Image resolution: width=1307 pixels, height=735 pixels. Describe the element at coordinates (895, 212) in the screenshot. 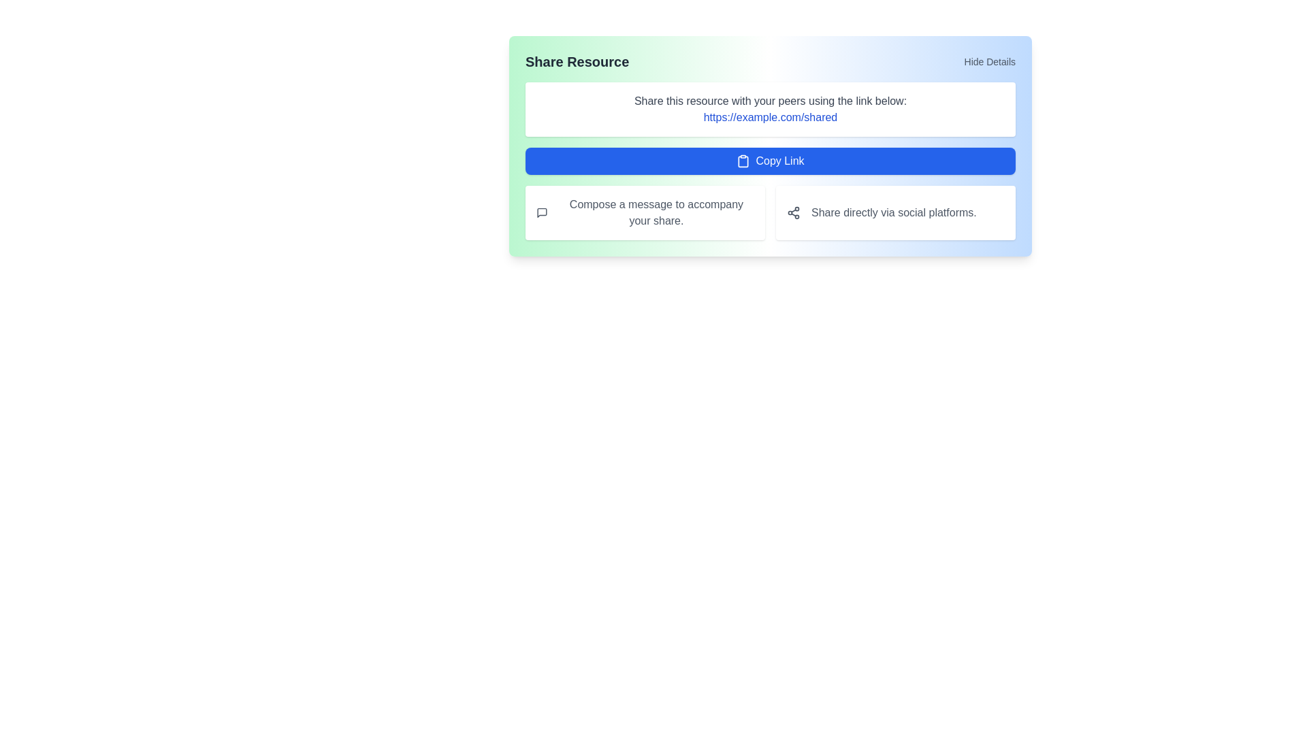

I see `the button with a white background and rounded corners that features a share symbol icon on the left and the text 'Share directly via social platforms.' located in the bottom right section of the grid layout below the blue bar labeled 'Copy Link.'` at that location.